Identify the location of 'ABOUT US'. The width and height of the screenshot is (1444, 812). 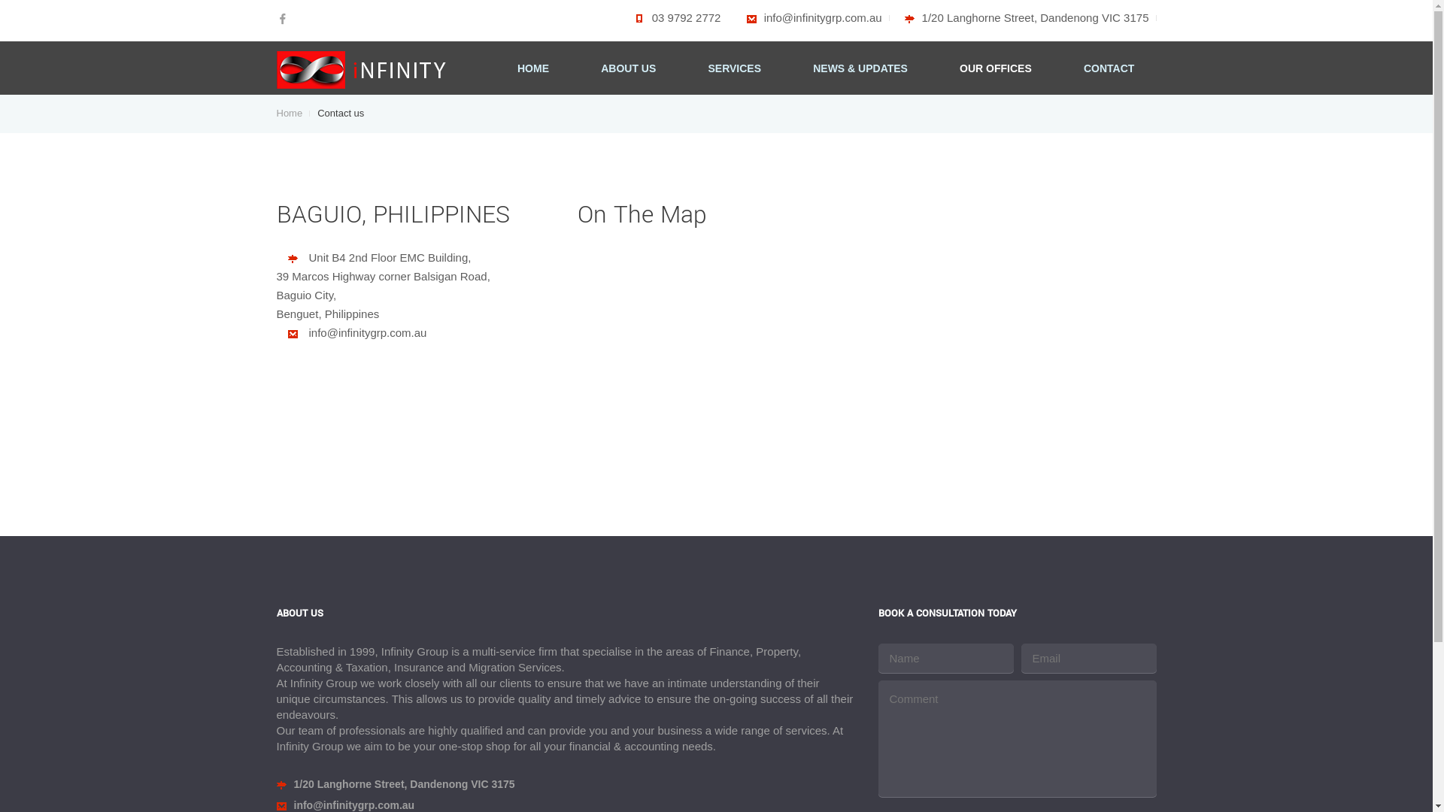
(628, 69).